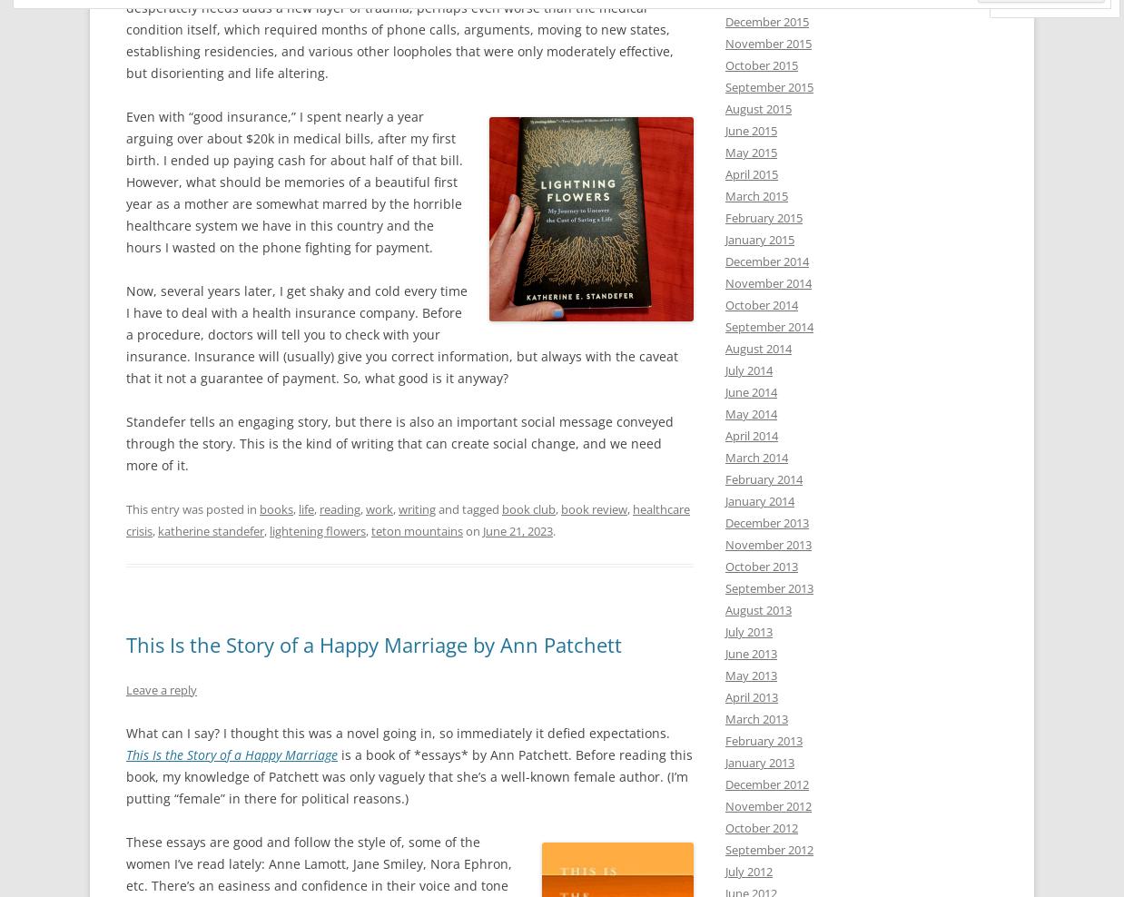 Image resolution: width=1124 pixels, height=897 pixels. I want to click on 'November 2014', so click(725, 283).